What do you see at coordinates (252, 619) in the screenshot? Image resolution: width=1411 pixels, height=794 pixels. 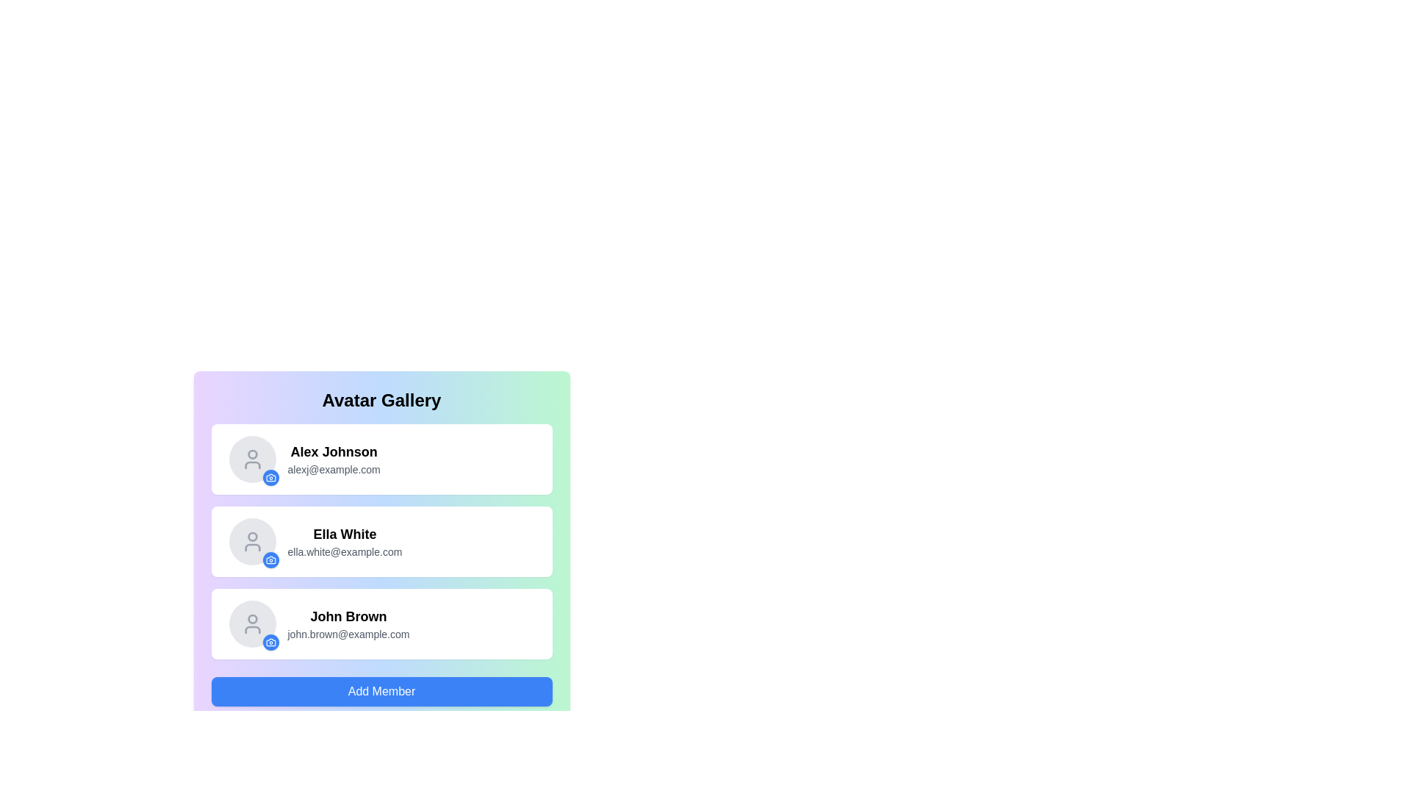 I see `the SVG Circle icon representing the user profile picture for 'John Brown' located in the top-left section of the user profile image` at bounding box center [252, 619].